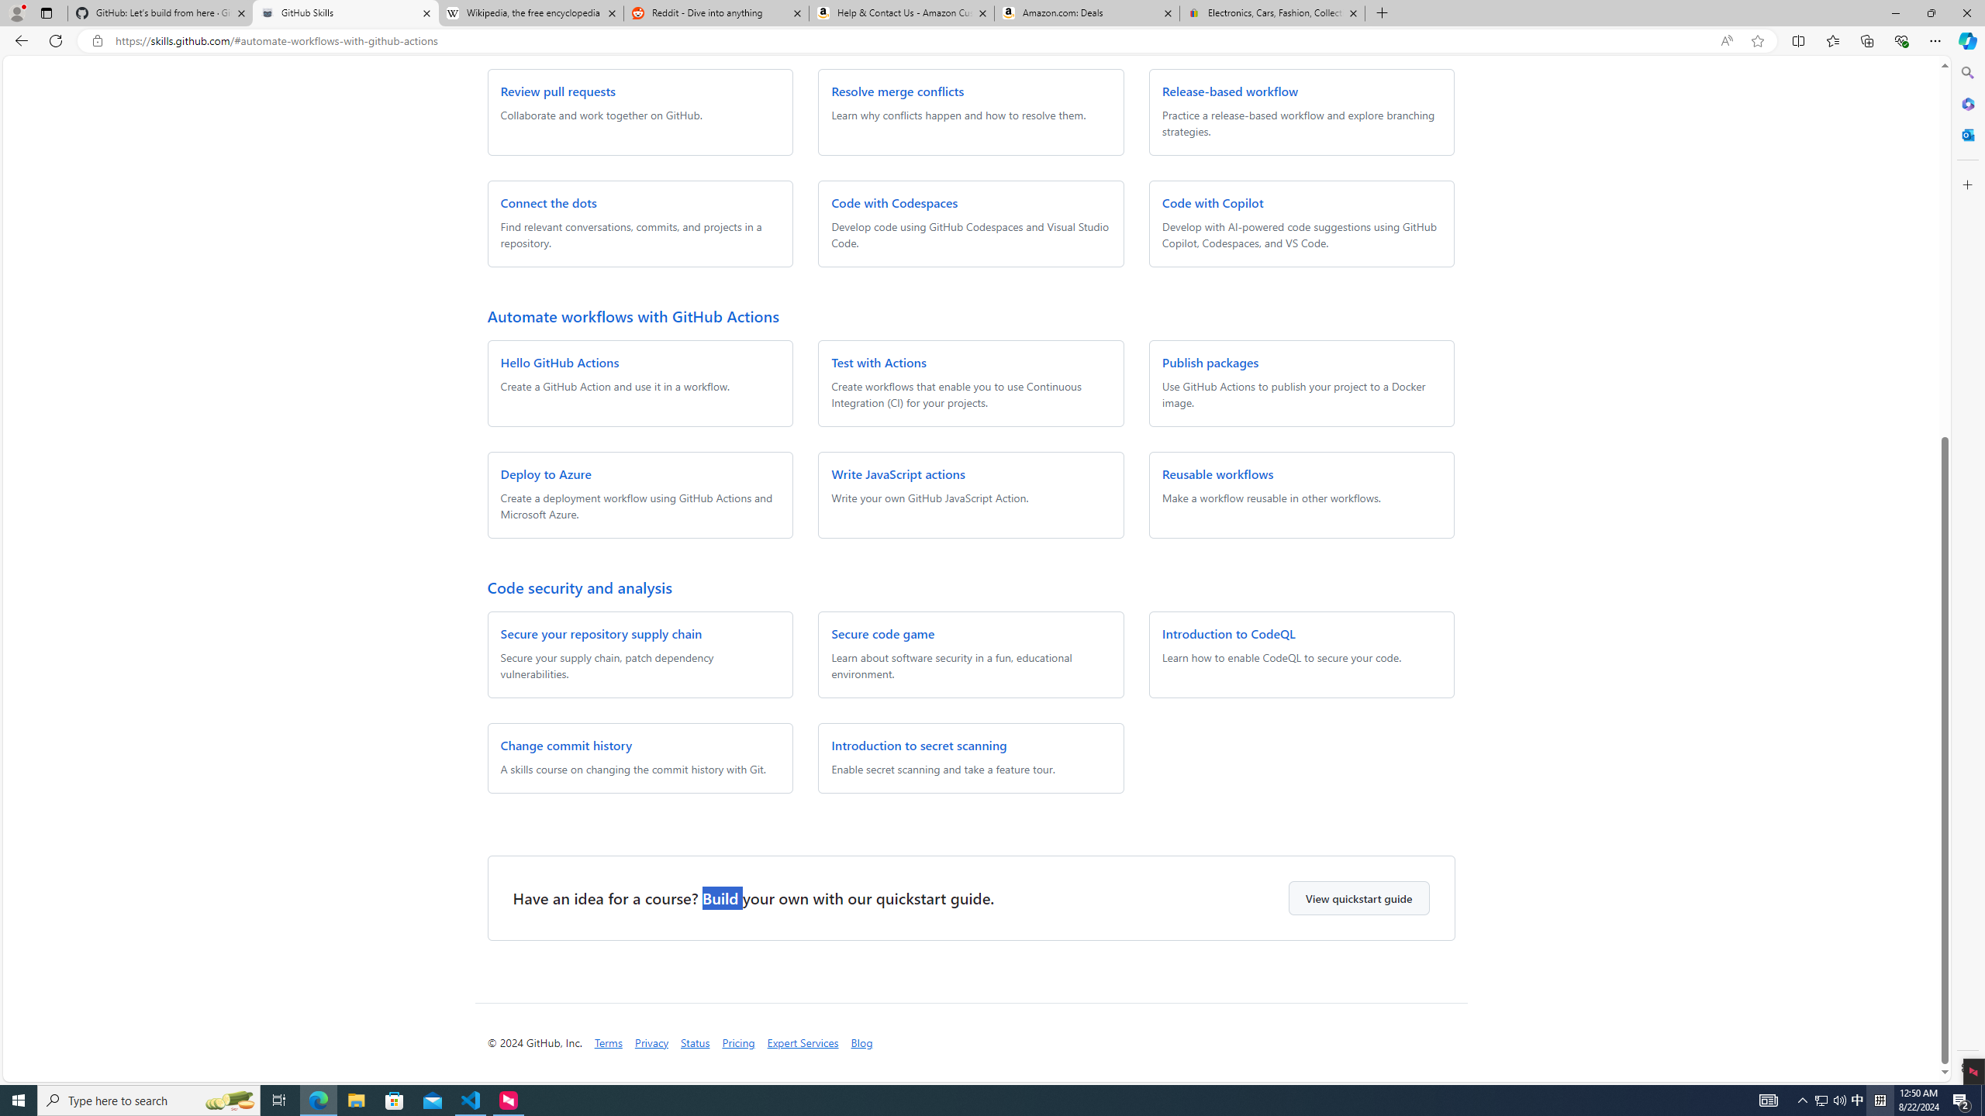  What do you see at coordinates (737, 1042) in the screenshot?
I see `'Pricing'` at bounding box center [737, 1042].